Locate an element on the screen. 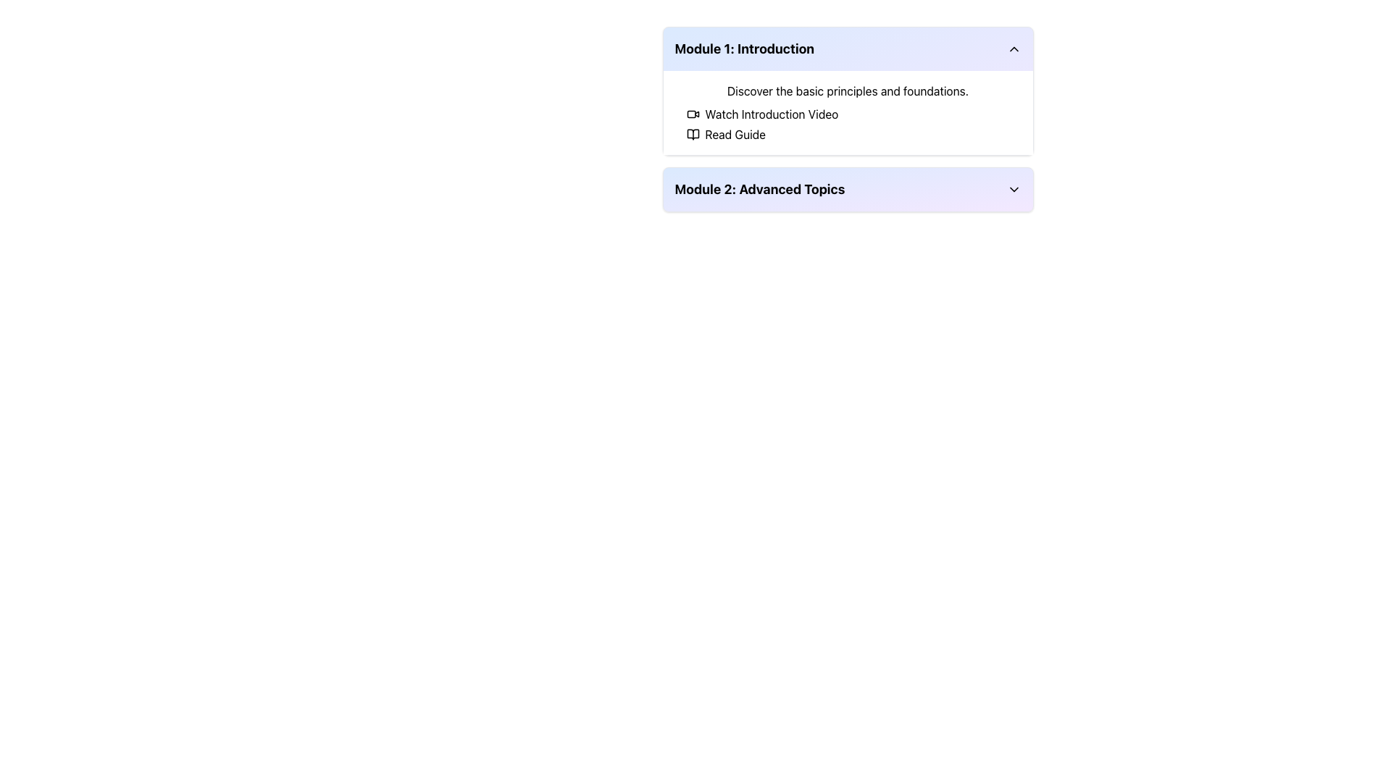 The image size is (1391, 782). the downward-pointing chevron icon located in the top-right corner of the 'Module 2: Advanced Topics' header is located at coordinates (1013, 189).